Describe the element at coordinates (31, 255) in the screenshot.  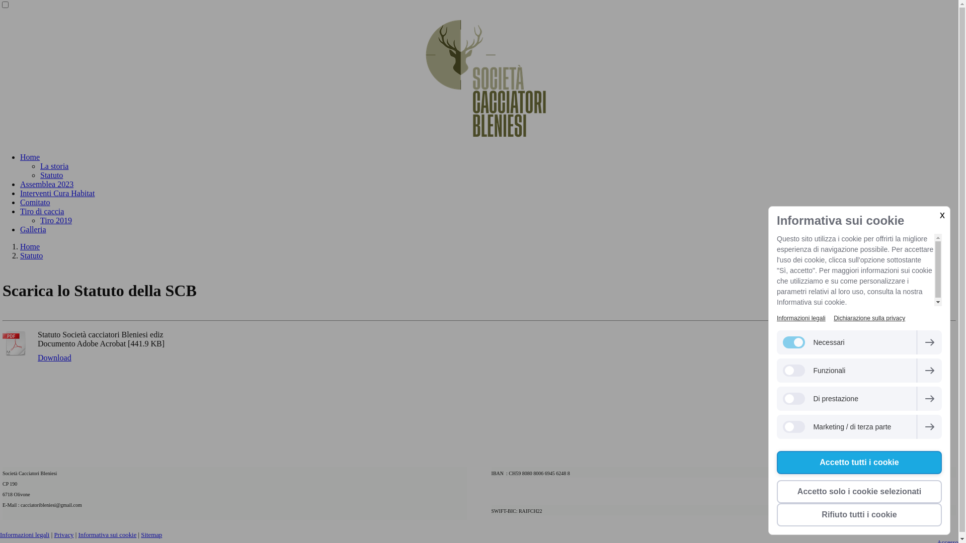
I see `'Statuto'` at that location.